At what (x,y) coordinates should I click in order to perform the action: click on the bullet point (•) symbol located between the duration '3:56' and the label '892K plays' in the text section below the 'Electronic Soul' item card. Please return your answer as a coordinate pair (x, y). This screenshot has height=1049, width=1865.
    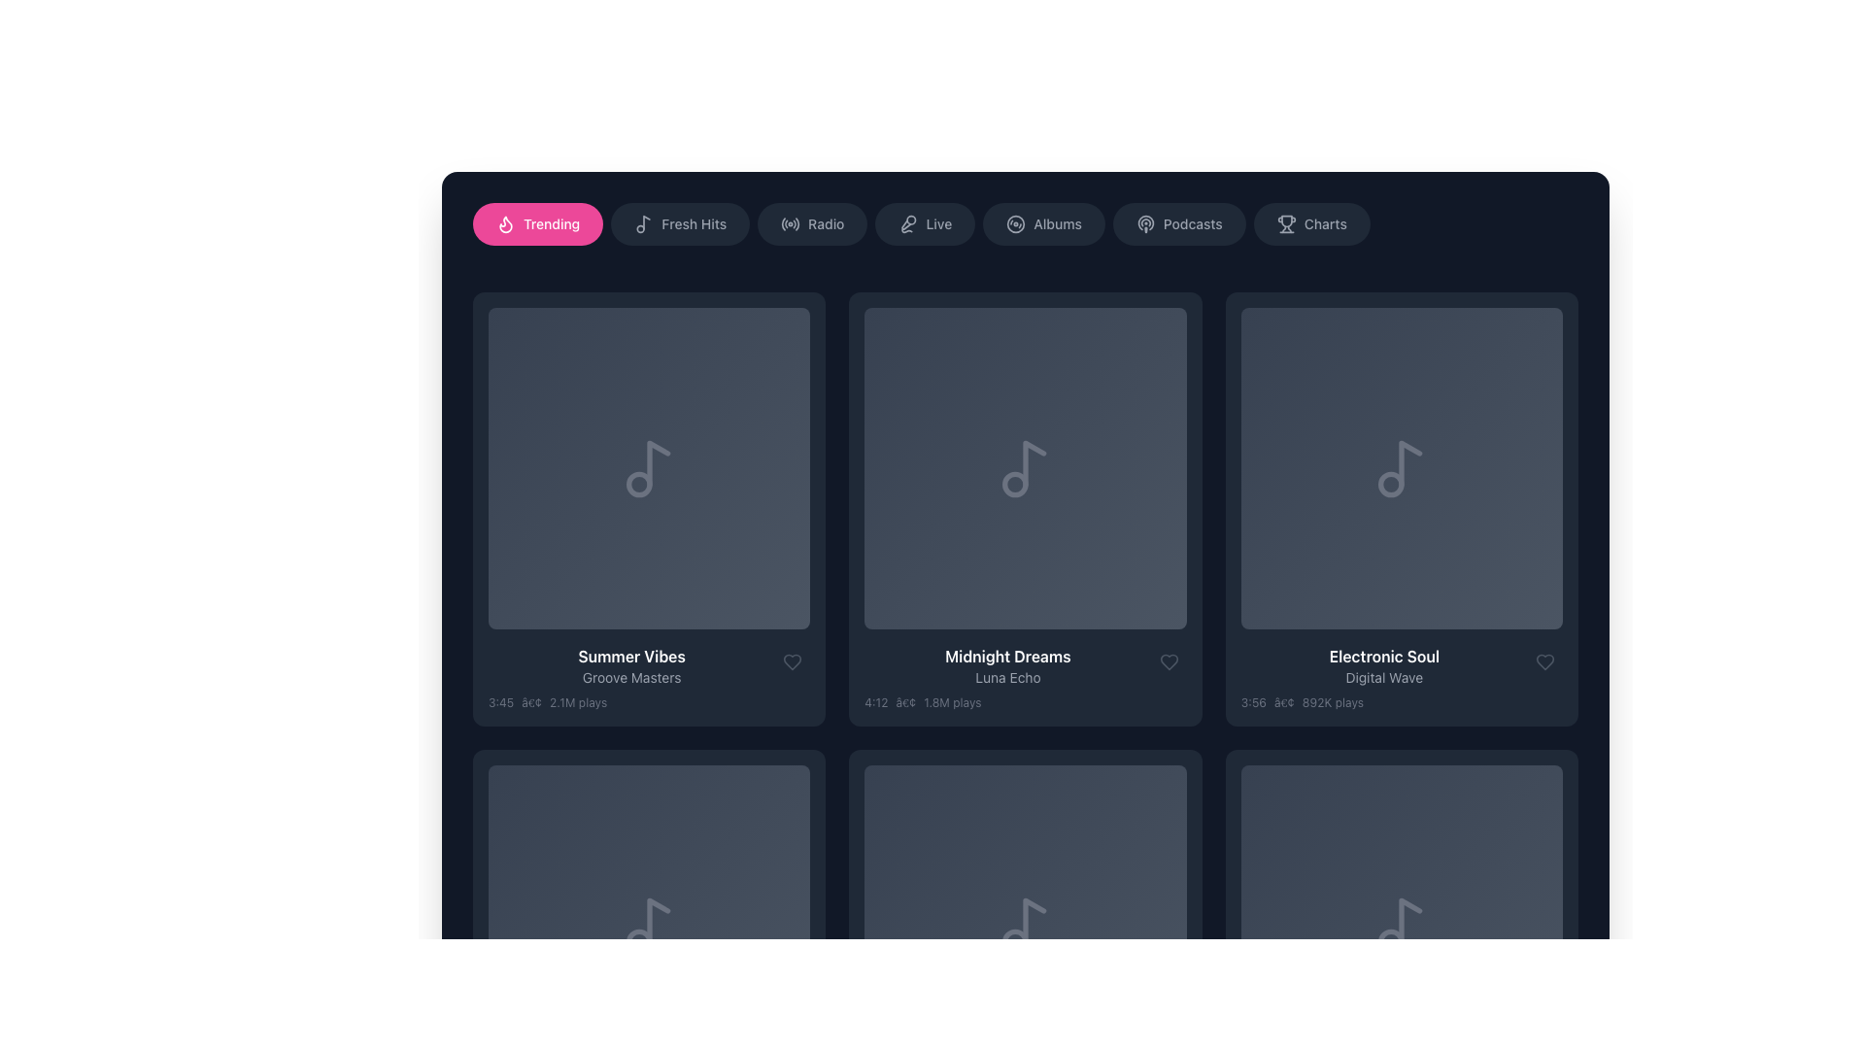
    Looking at the image, I should click on (1284, 703).